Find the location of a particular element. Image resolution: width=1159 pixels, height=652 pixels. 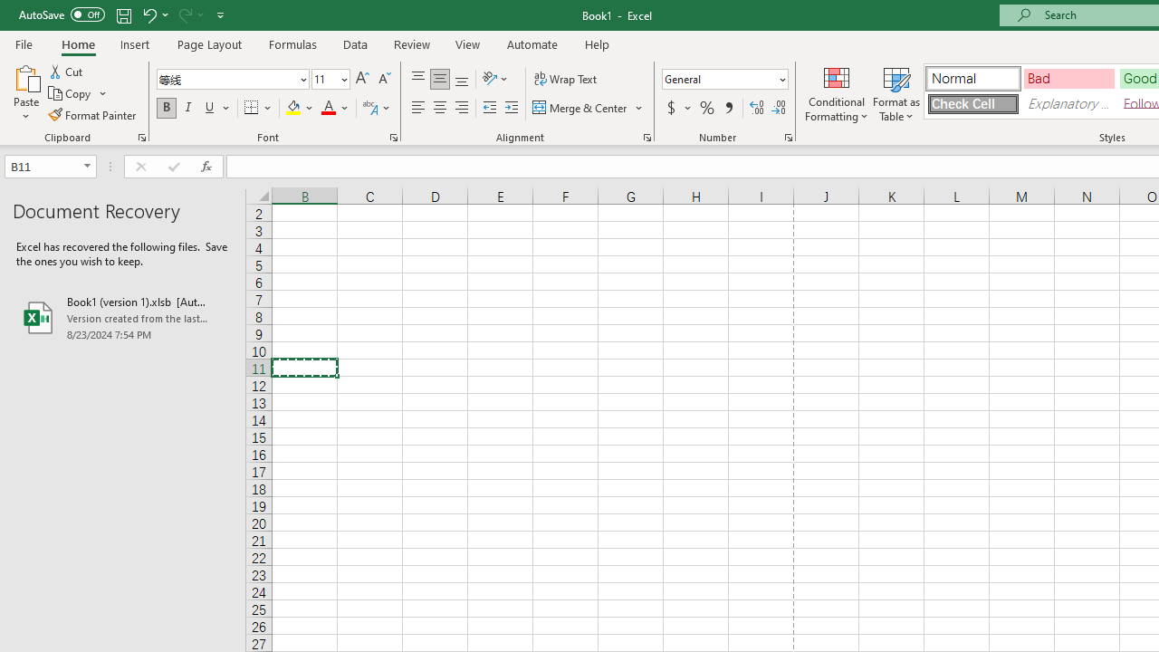

'Fill Color' is located at coordinates (300, 108).